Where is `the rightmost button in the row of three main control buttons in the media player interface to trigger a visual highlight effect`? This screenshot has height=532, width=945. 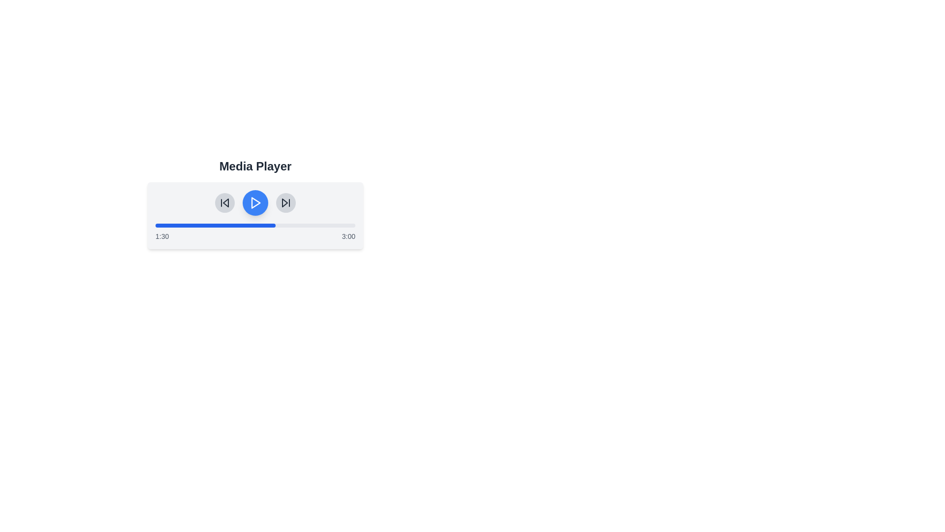
the rightmost button in the row of three main control buttons in the media player interface to trigger a visual highlight effect is located at coordinates (285, 202).